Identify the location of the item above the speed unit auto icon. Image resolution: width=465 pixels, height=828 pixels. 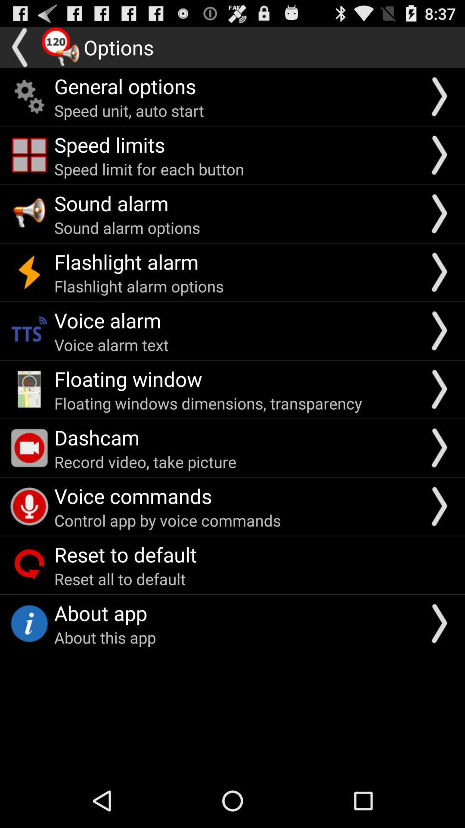
(125, 86).